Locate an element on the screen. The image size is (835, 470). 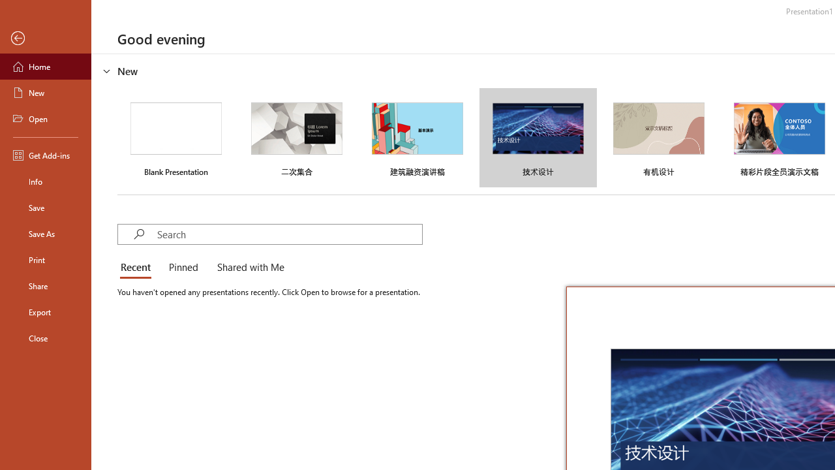
'Print' is located at coordinates (45, 260).